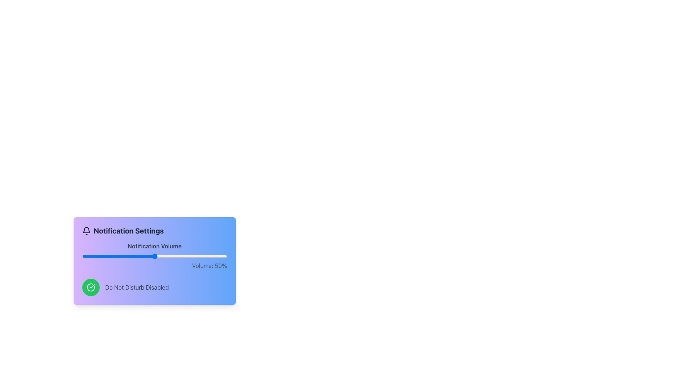 The height and width of the screenshot is (391, 696). Describe the element at coordinates (154, 287) in the screenshot. I see `the last section containing a green circular checkmark icon and the text 'Do Not Disturb Disabled', located below the 'Volume: 50%' text` at that location.